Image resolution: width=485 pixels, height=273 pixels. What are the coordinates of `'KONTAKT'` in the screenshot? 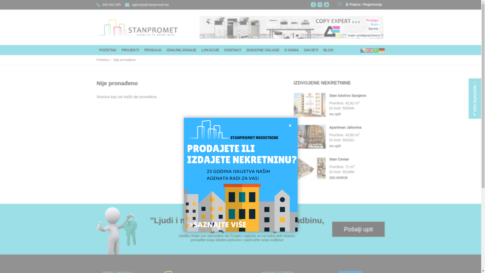 It's located at (232, 50).